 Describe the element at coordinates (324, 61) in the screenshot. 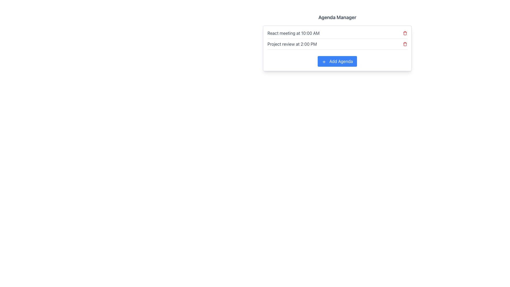

I see `the SVG icon representing the action of adding a new agenda, located on the left side of the 'Add Agenda' button` at that location.